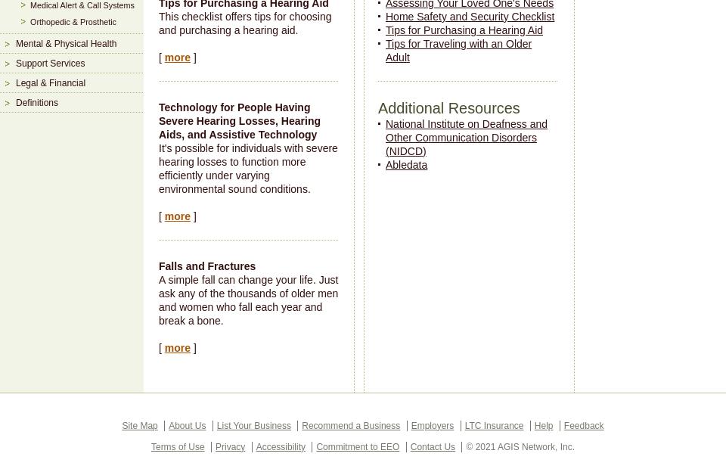 The height and width of the screenshot is (469, 726). Describe the element at coordinates (50, 64) in the screenshot. I see `'Support Services'` at that location.